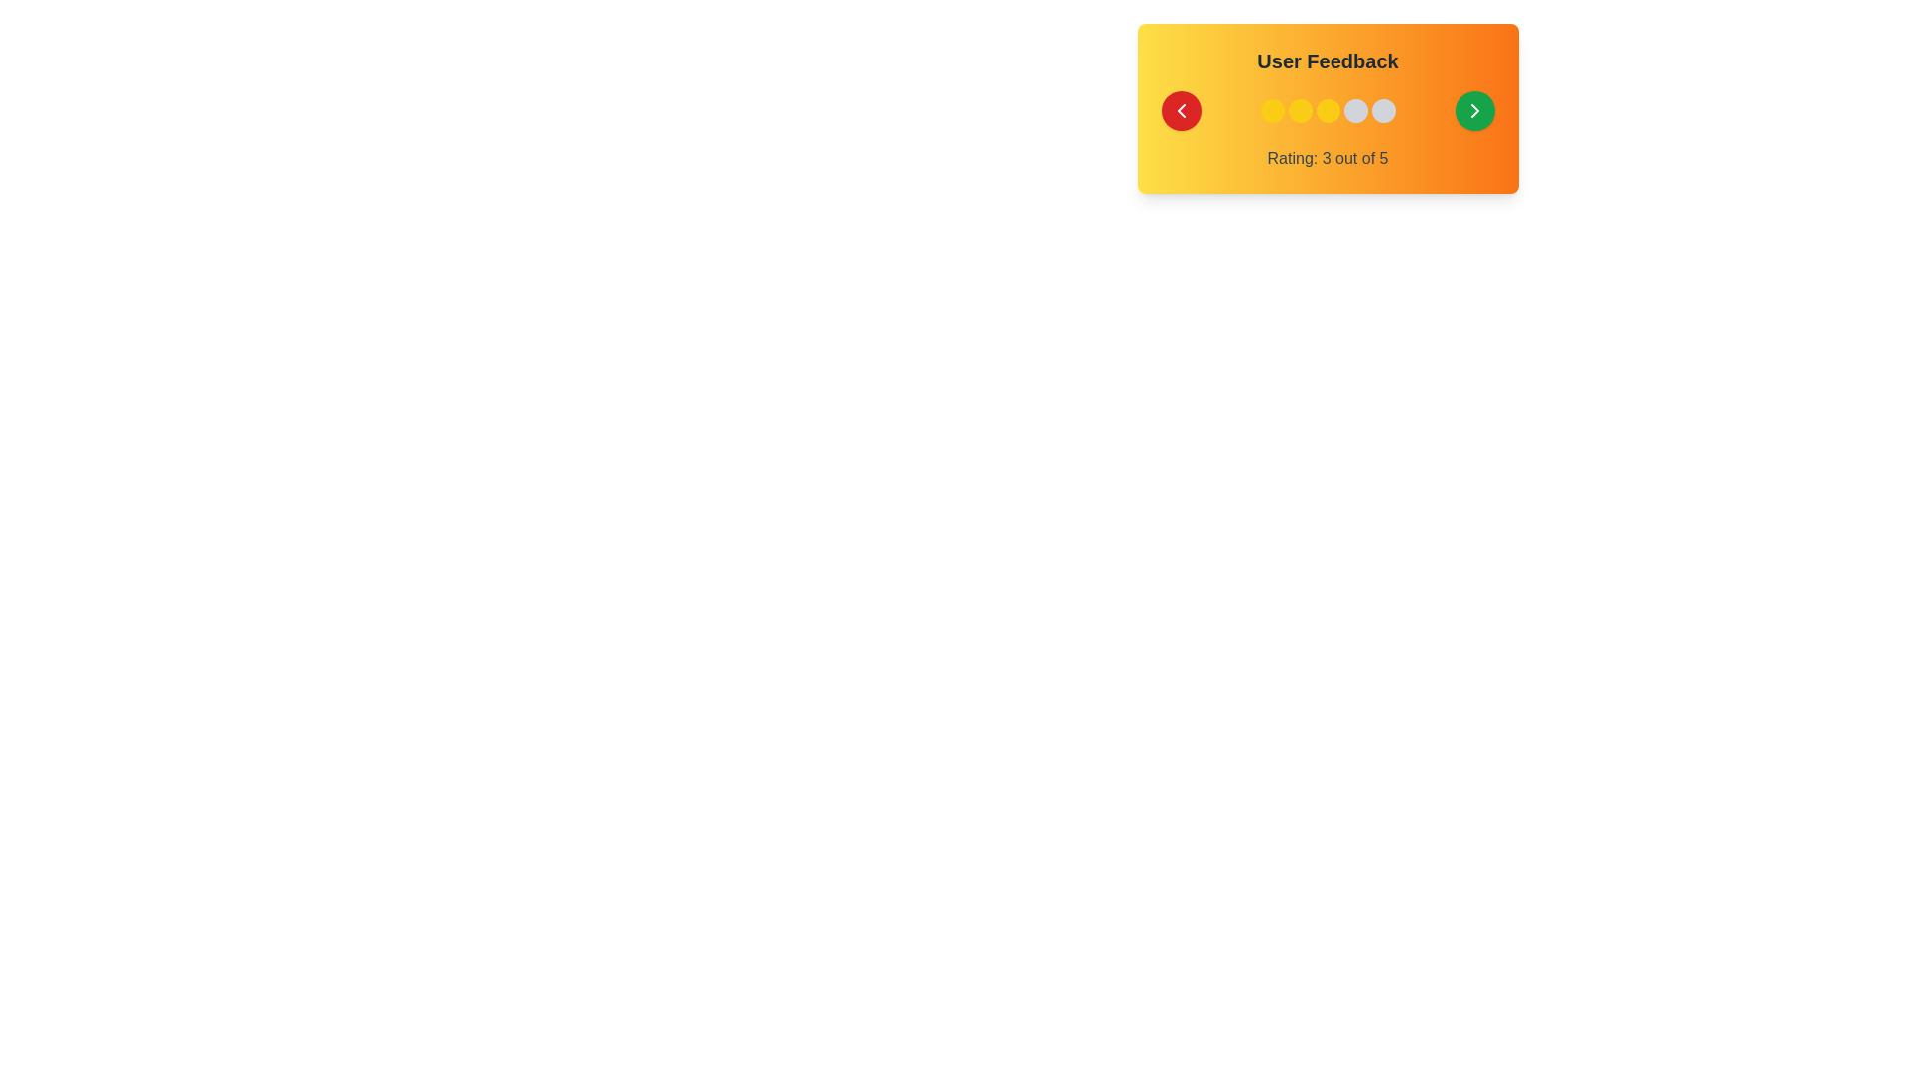 Image resolution: width=1905 pixels, height=1071 pixels. Describe the element at coordinates (1300, 110) in the screenshot. I see `the second circular rating option with a yellow background located beneath the 'User Feedback' title` at that location.